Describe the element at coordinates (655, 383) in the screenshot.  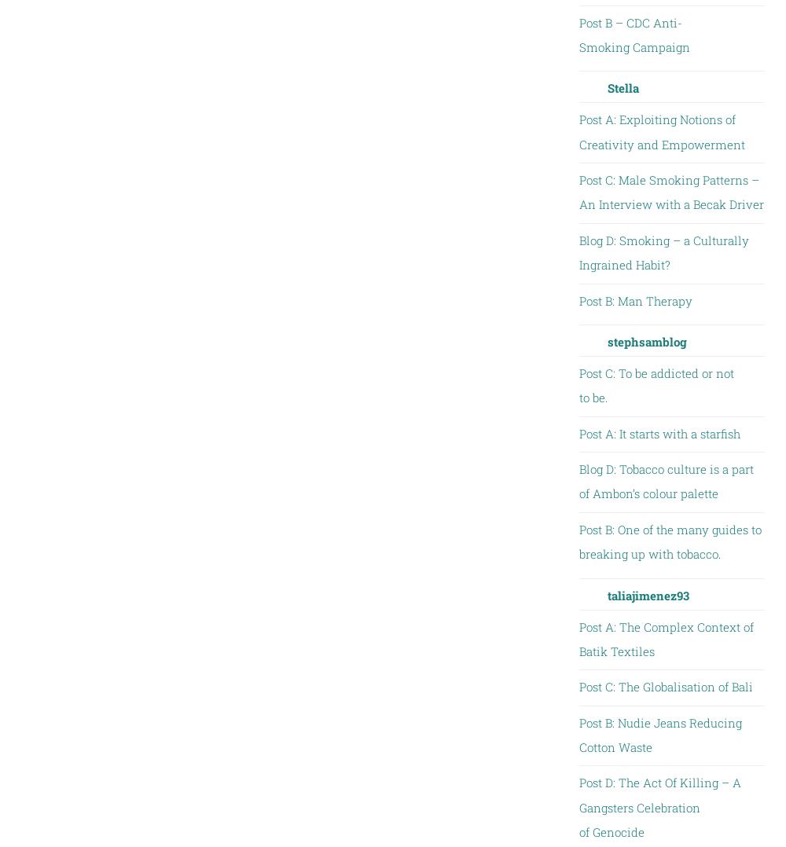
I see `'Post C: To be addicted or not to be.'` at that location.